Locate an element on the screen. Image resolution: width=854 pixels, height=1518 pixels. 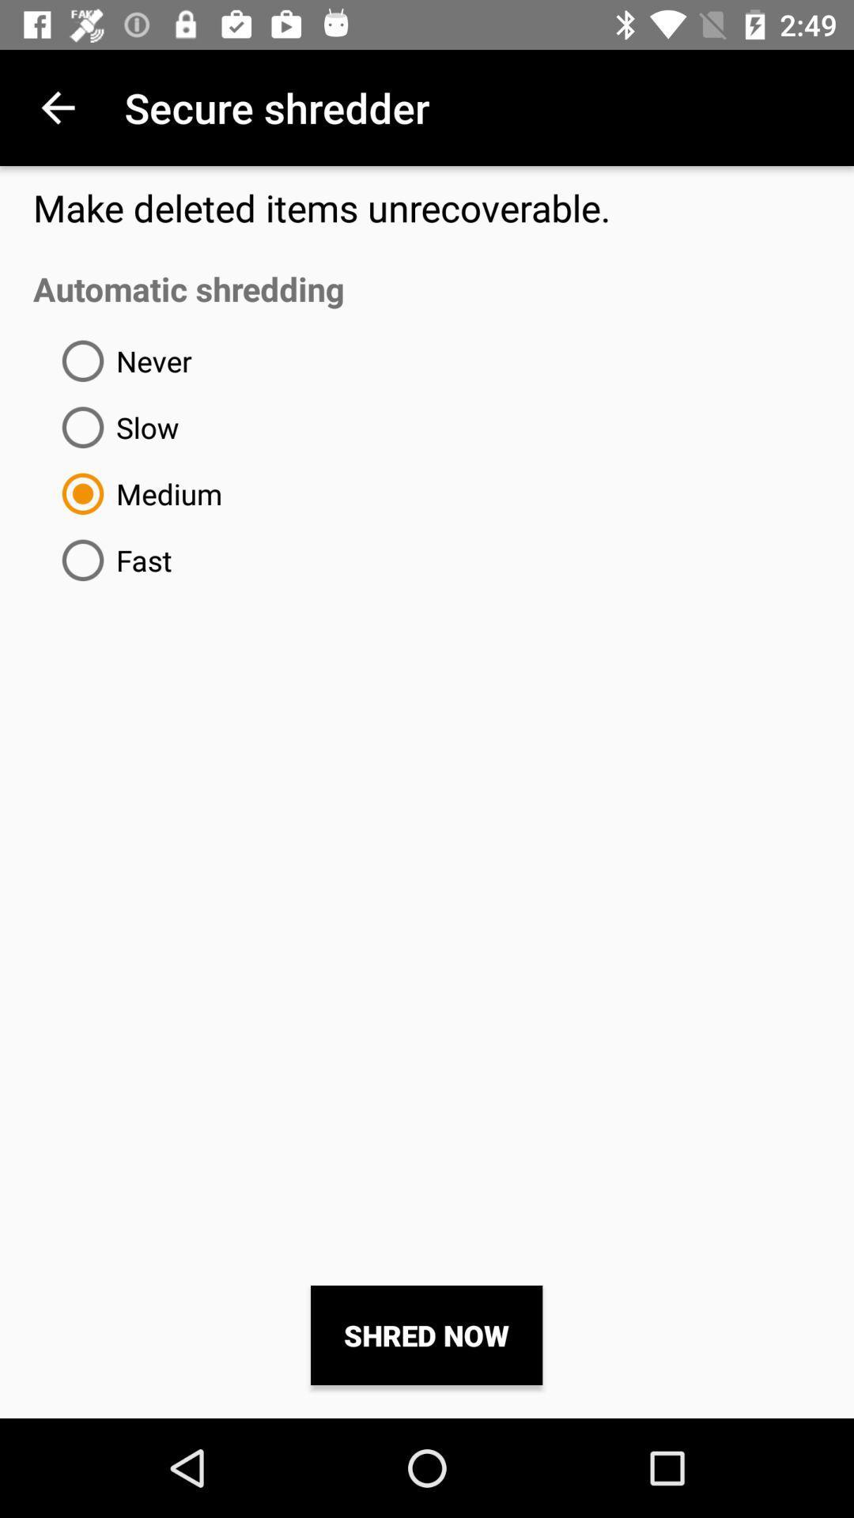
the never item is located at coordinates (120, 360).